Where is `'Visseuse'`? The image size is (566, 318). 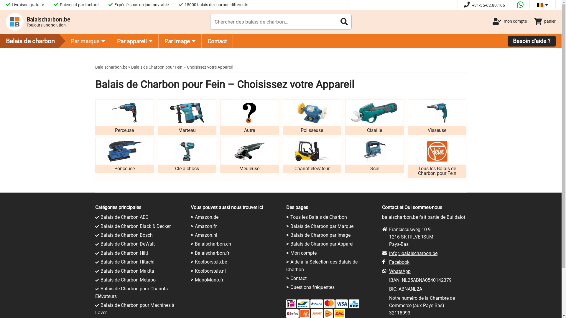 'Visseuse' is located at coordinates (407, 117).